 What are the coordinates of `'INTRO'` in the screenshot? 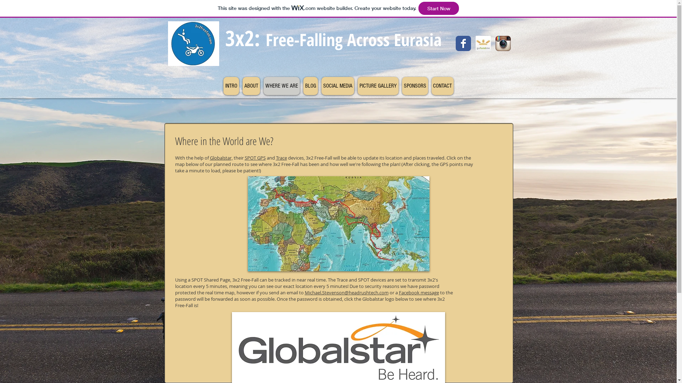 It's located at (223, 85).